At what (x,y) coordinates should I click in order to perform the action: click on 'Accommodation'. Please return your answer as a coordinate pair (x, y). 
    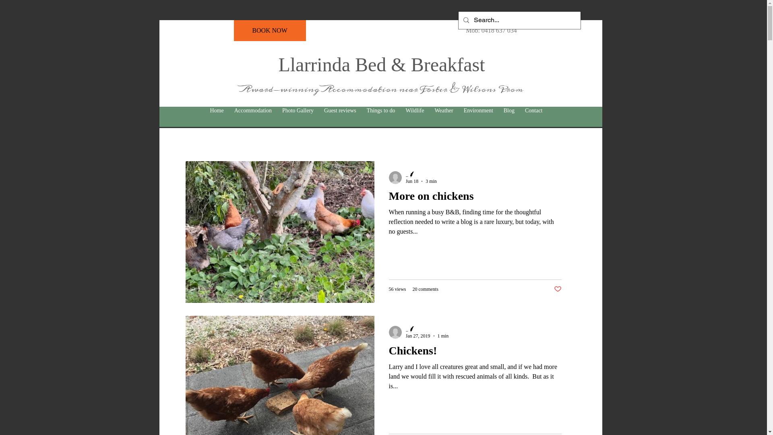
    Looking at the image, I should click on (252, 110).